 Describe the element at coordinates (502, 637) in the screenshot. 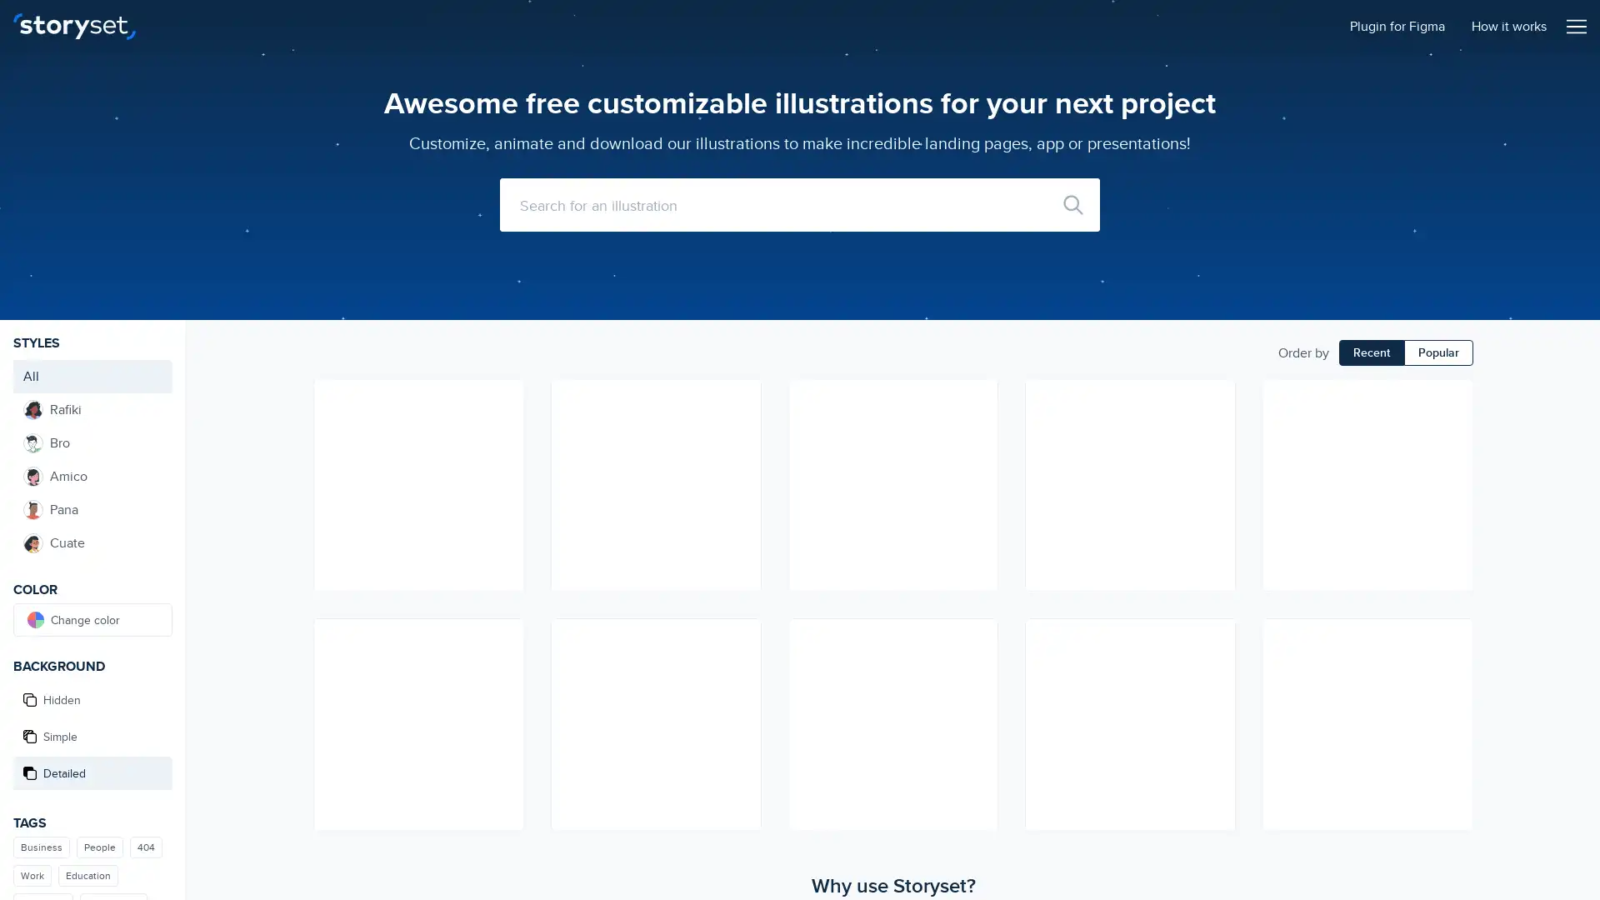

I see `wand icon Animate` at that location.